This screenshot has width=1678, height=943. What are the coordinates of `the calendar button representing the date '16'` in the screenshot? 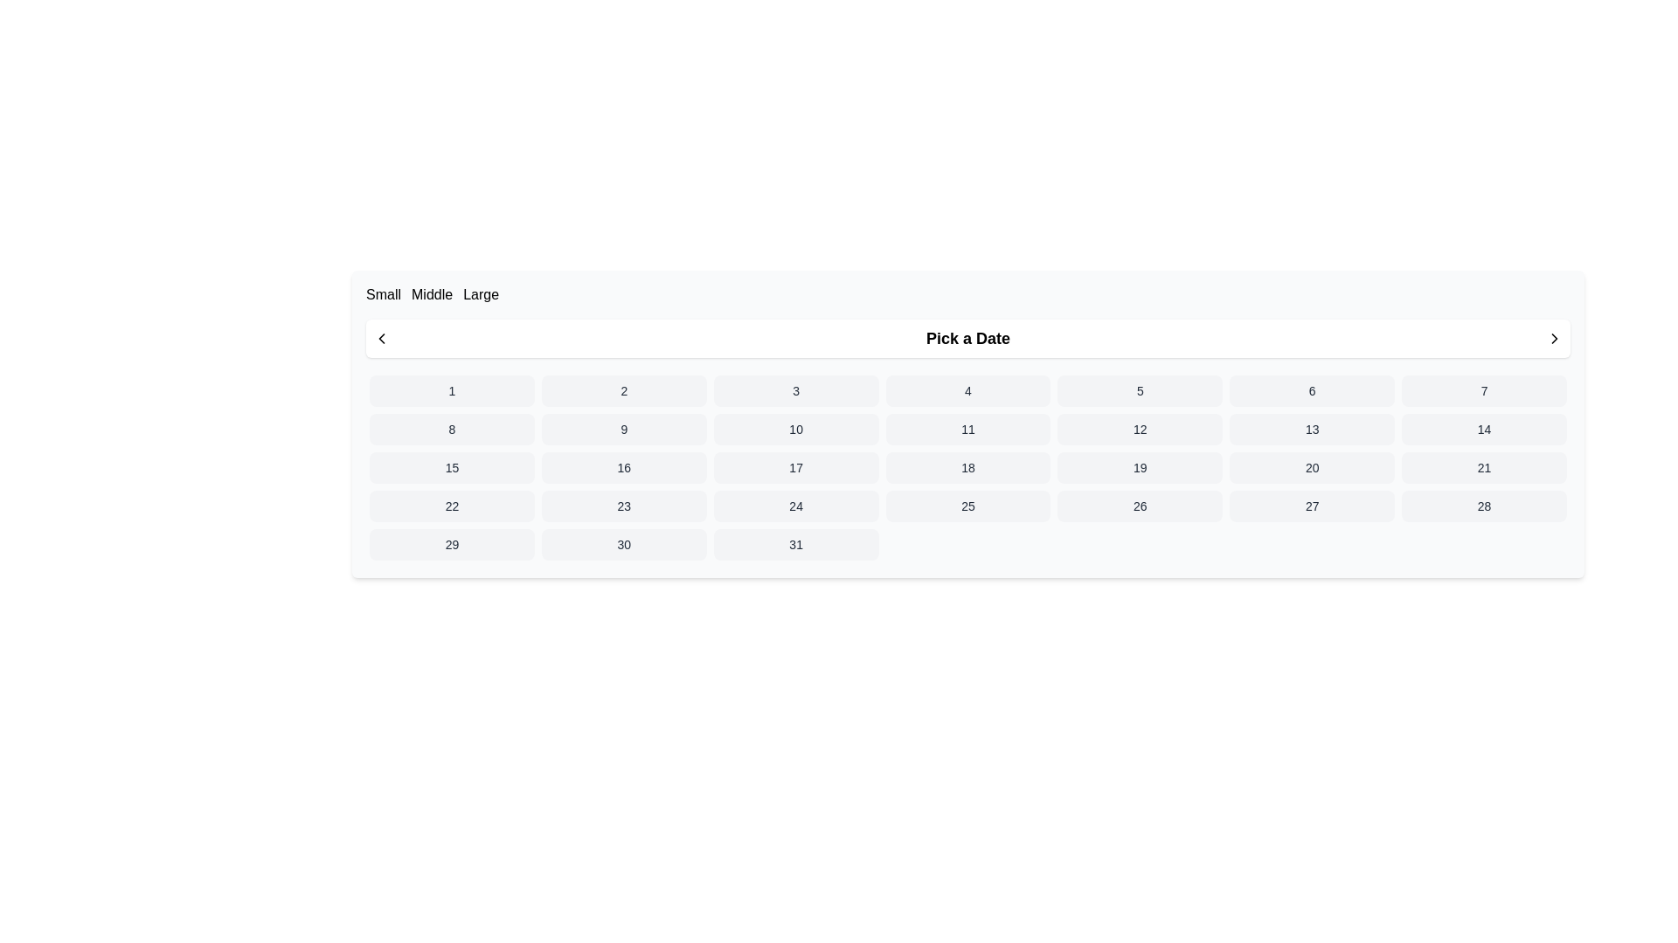 It's located at (624, 467).